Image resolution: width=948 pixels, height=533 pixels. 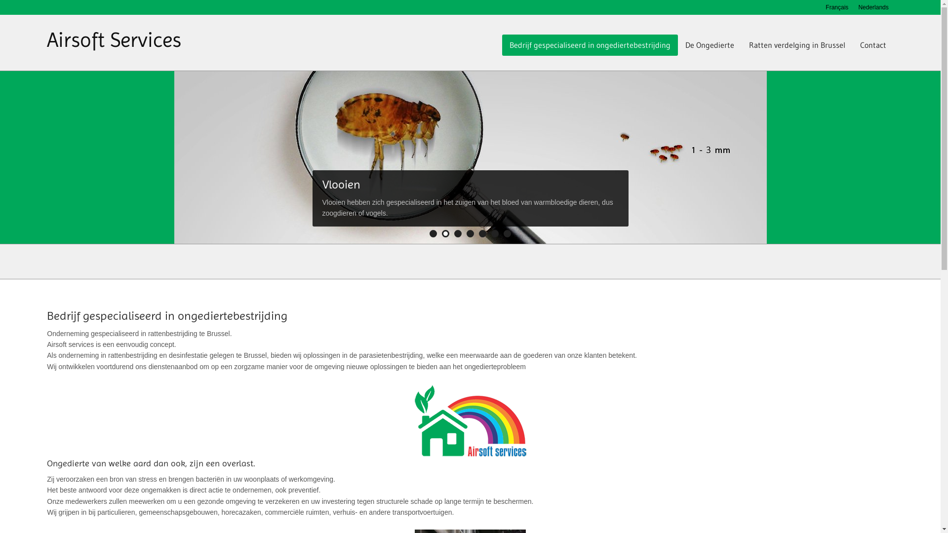 What do you see at coordinates (873, 45) in the screenshot?
I see `'Contact'` at bounding box center [873, 45].